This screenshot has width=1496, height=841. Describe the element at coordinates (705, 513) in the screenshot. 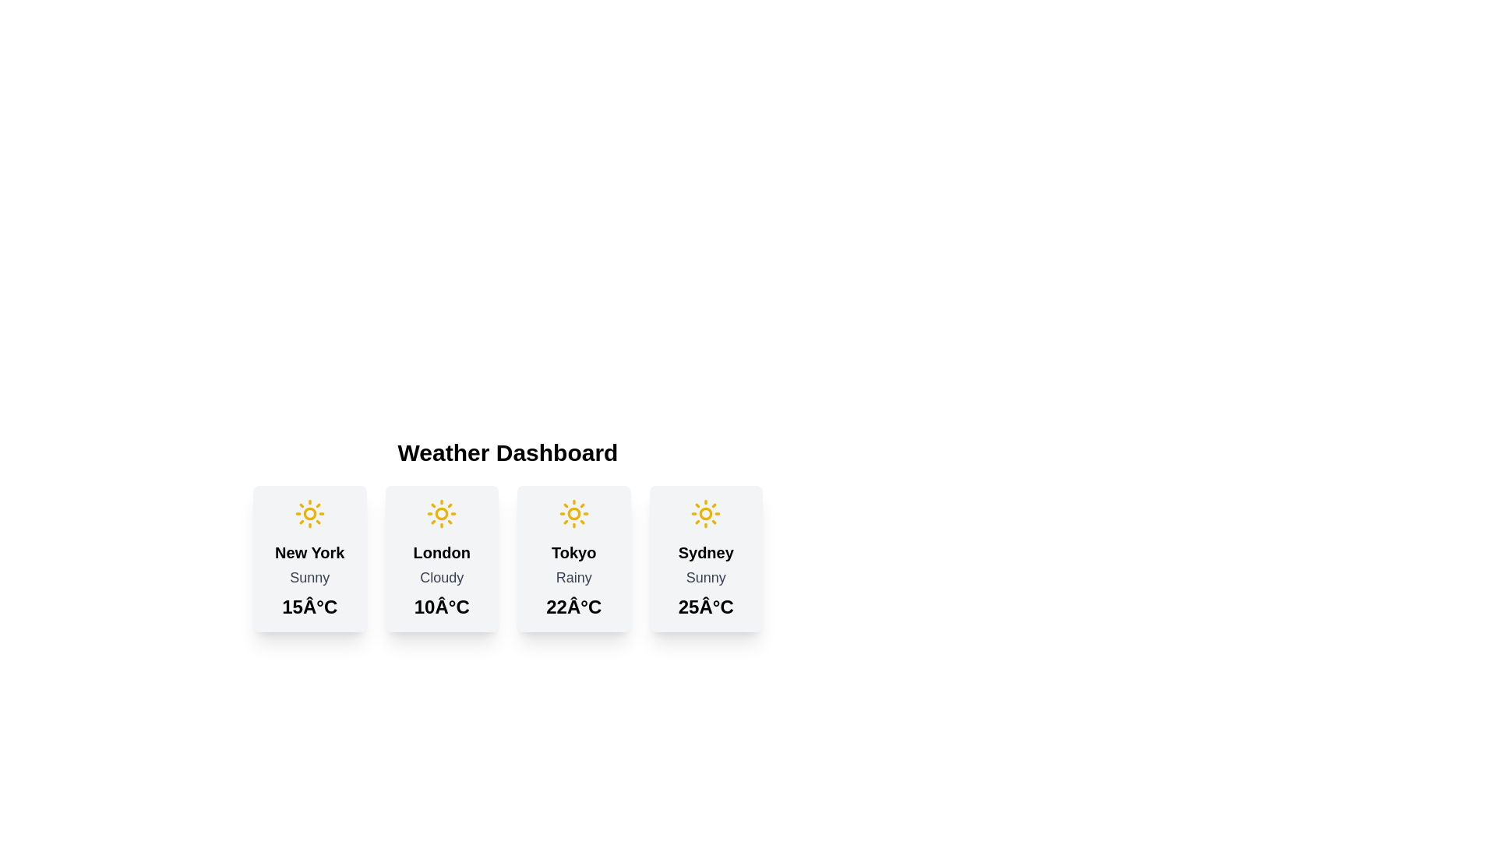

I see `the decorative sun icon representing sunny weather conditions located at the center of the top icon within the 'Sydney' weather card, which is the fourth card from the left in the Weather Dashboard` at that location.